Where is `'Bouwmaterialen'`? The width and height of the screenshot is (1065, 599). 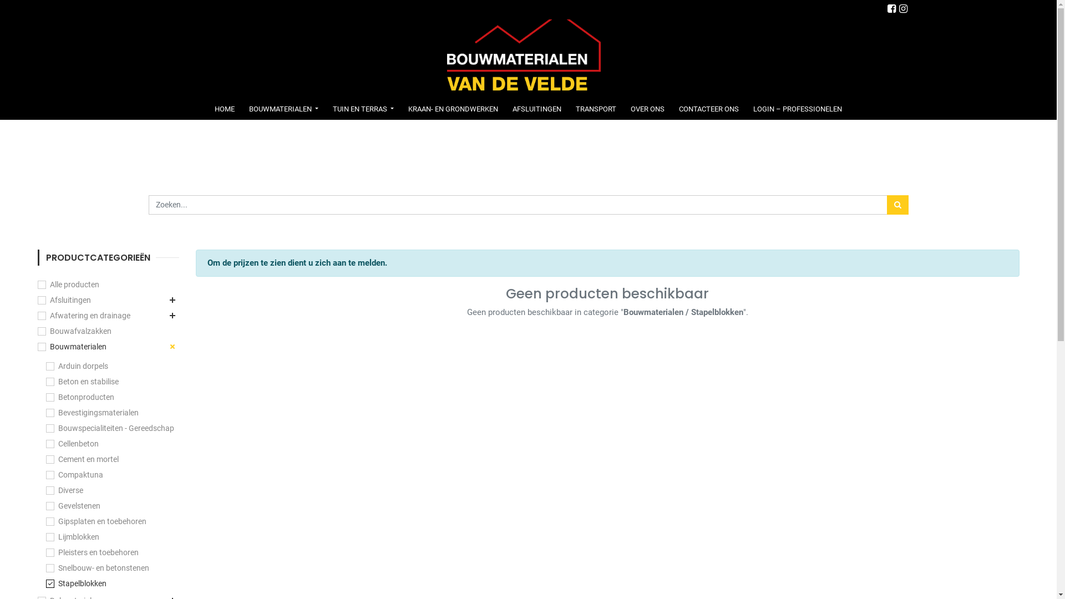 'Bouwmaterialen' is located at coordinates (71, 346).